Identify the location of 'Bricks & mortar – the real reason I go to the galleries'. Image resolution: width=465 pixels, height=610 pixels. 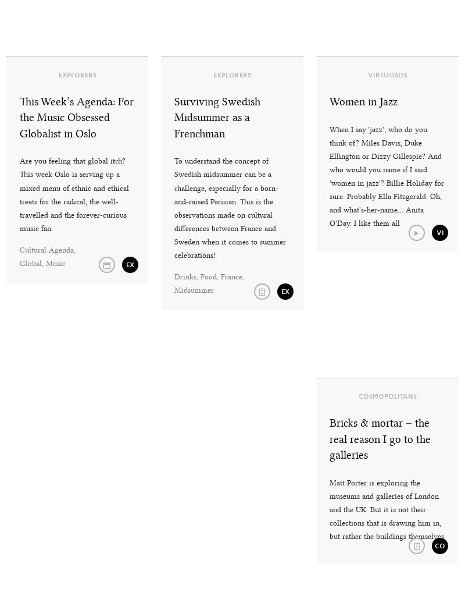
(329, 439).